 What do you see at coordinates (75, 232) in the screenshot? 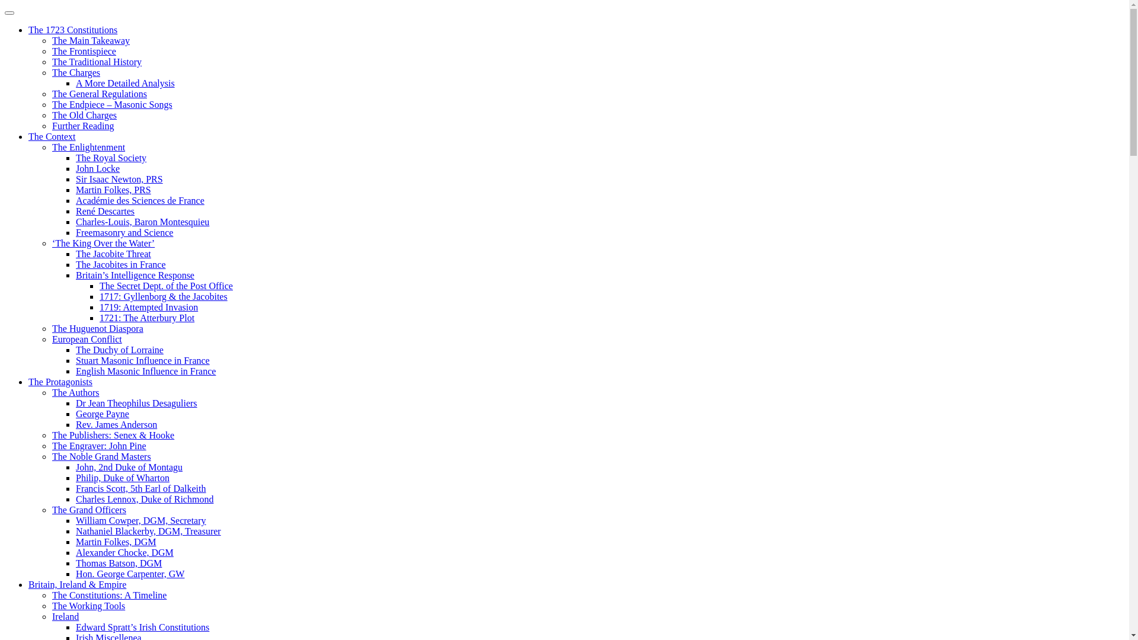
I see `'Freemasonry and Science'` at bounding box center [75, 232].